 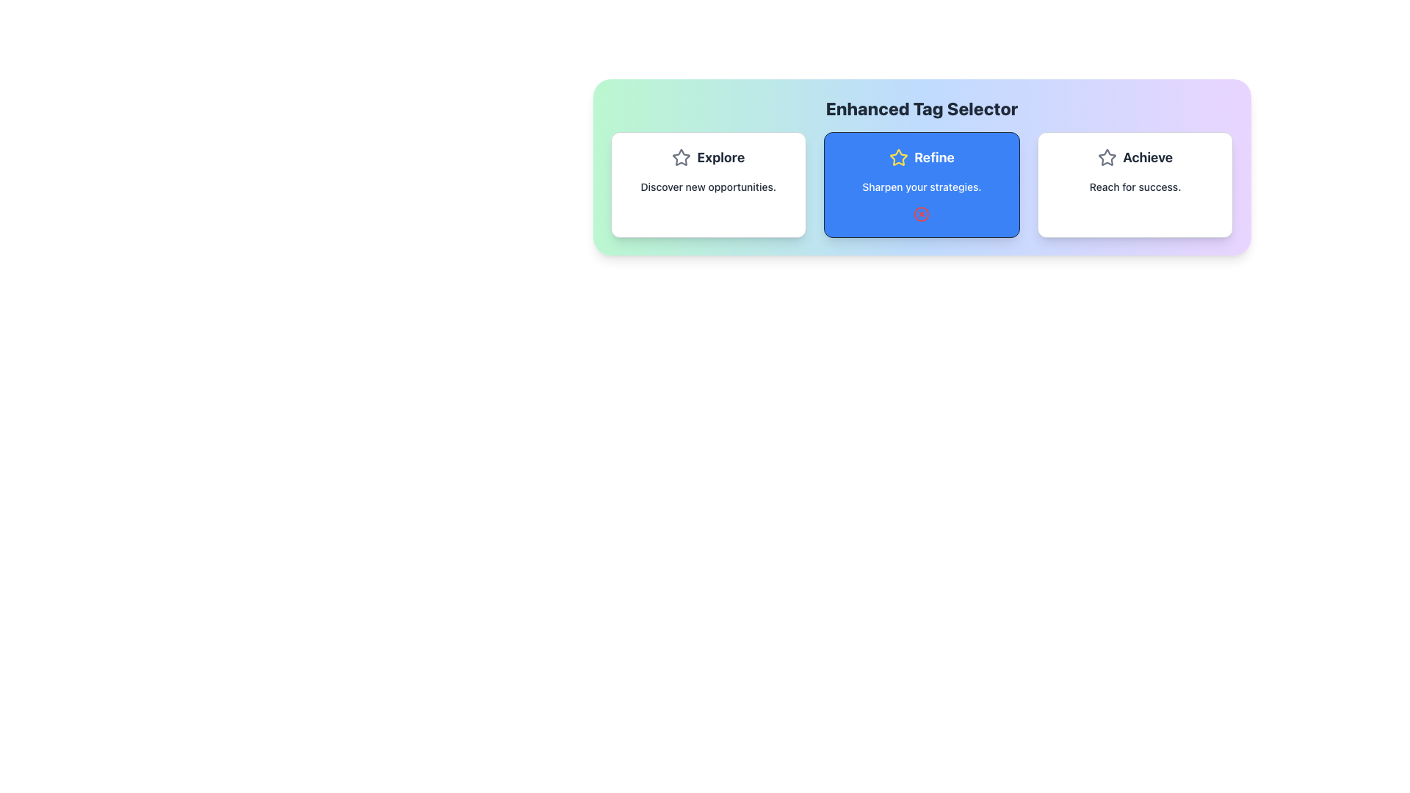 I want to click on circular outline SVG element located in the rightmost card of the 'Achieve' group under the 'Enhanced Tag Selector' for its properties, so click(x=1135, y=214).